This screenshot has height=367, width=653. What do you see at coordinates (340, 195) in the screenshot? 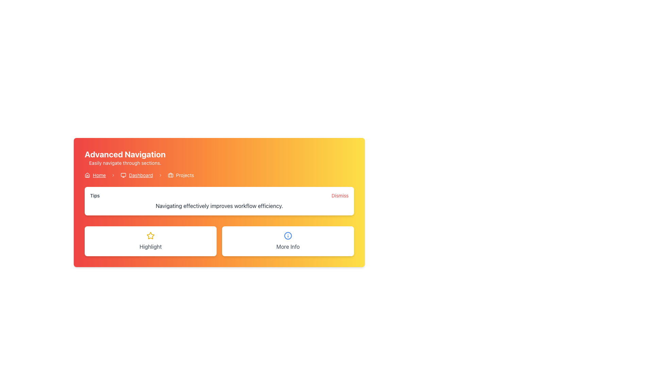
I see `the 'Dismiss' interactive link located at the top right corner of the 'Tips' section` at bounding box center [340, 195].